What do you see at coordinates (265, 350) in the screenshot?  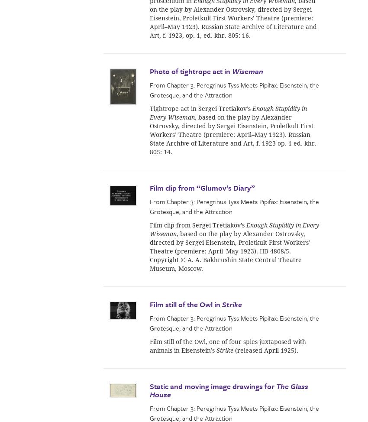 I see `'(released April 1925).'` at bounding box center [265, 350].